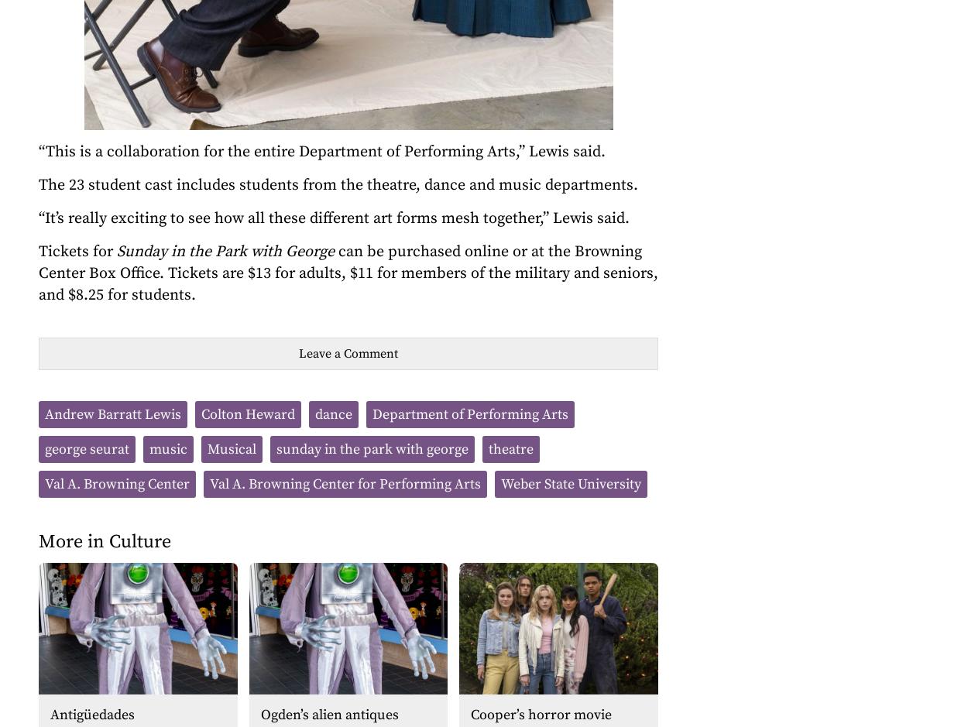 The height and width of the screenshot is (727, 968). I want to click on 'dance', so click(334, 414).